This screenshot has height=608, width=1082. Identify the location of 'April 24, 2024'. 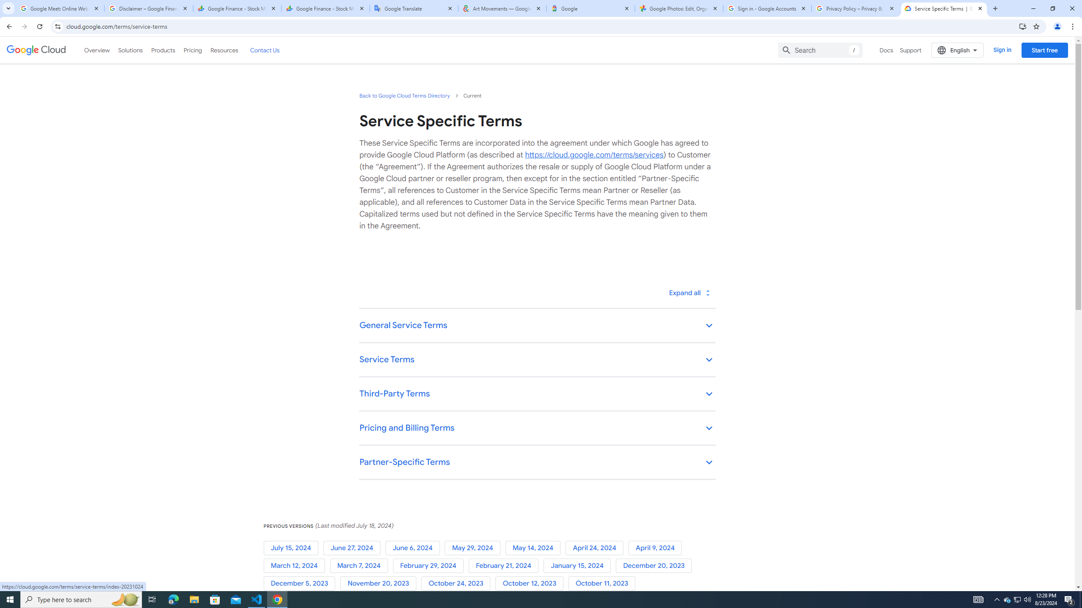
(597, 548).